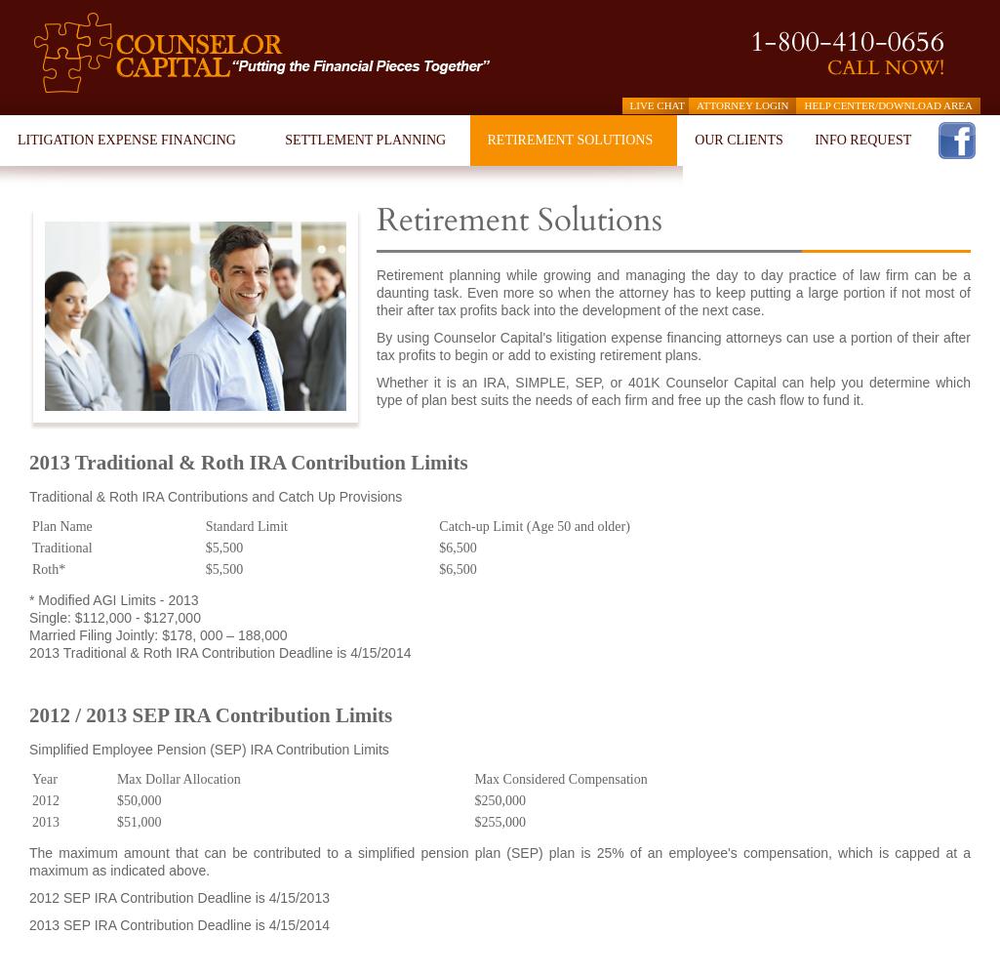 This screenshot has height=976, width=1000. I want to click on 'SETTLEMENT PLANNING', so click(365, 140).